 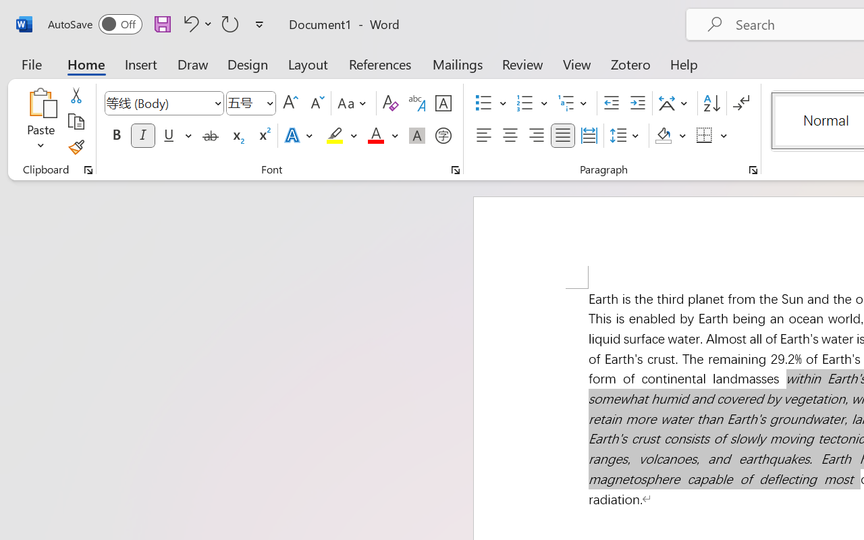 What do you see at coordinates (752, 169) in the screenshot?
I see `'Paragraph...'` at bounding box center [752, 169].